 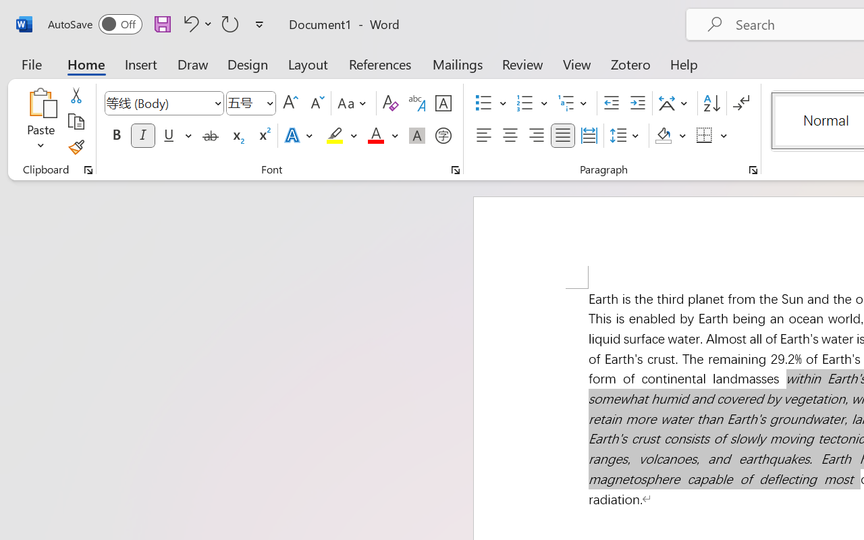 What do you see at coordinates (752, 169) in the screenshot?
I see `'Paragraph...'` at bounding box center [752, 169].